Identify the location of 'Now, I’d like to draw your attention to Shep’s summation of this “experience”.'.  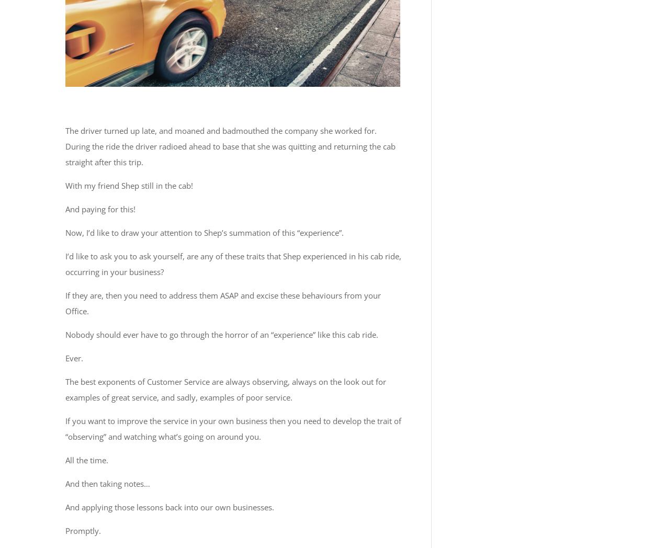
(65, 232).